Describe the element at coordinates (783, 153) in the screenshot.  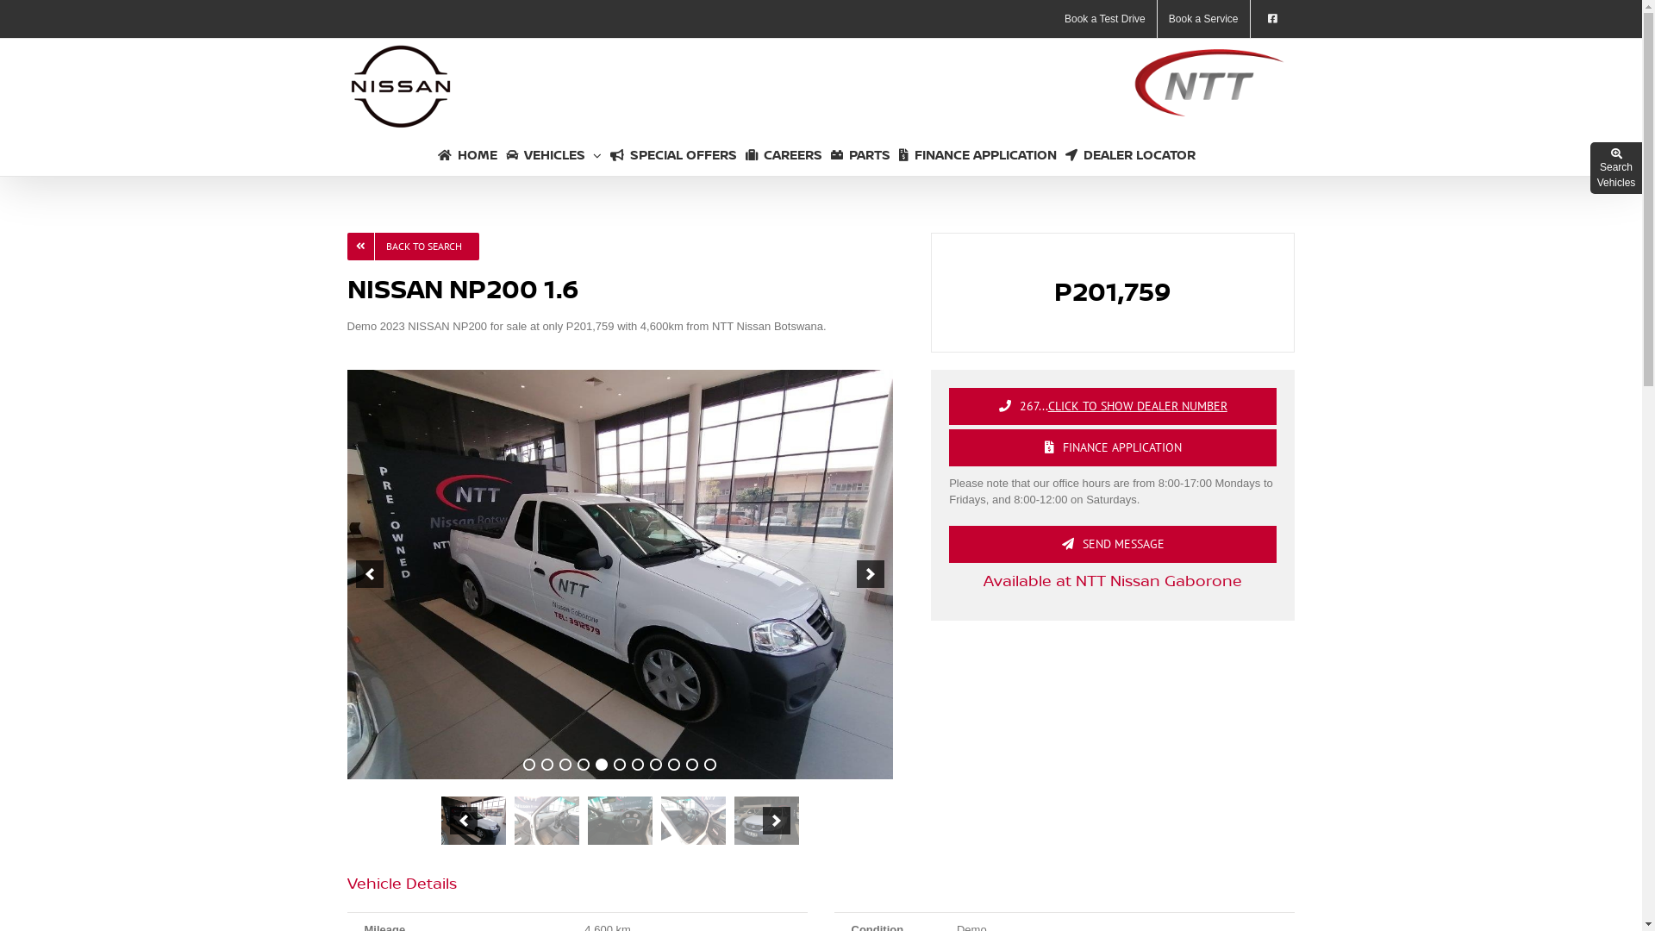
I see `'CAREERS'` at that location.